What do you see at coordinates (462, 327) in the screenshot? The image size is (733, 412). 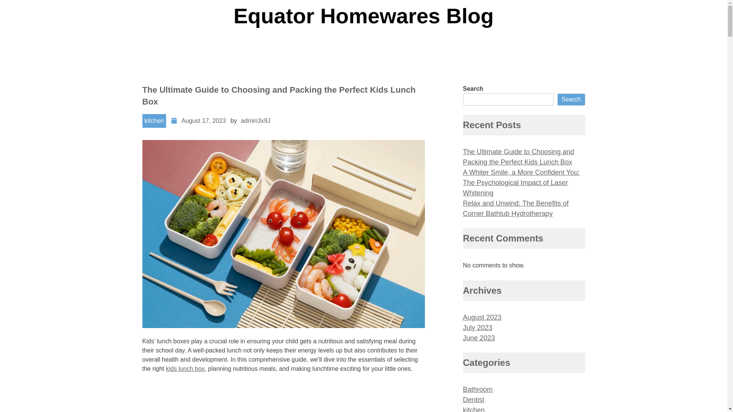 I see `'July 2023'` at bounding box center [462, 327].